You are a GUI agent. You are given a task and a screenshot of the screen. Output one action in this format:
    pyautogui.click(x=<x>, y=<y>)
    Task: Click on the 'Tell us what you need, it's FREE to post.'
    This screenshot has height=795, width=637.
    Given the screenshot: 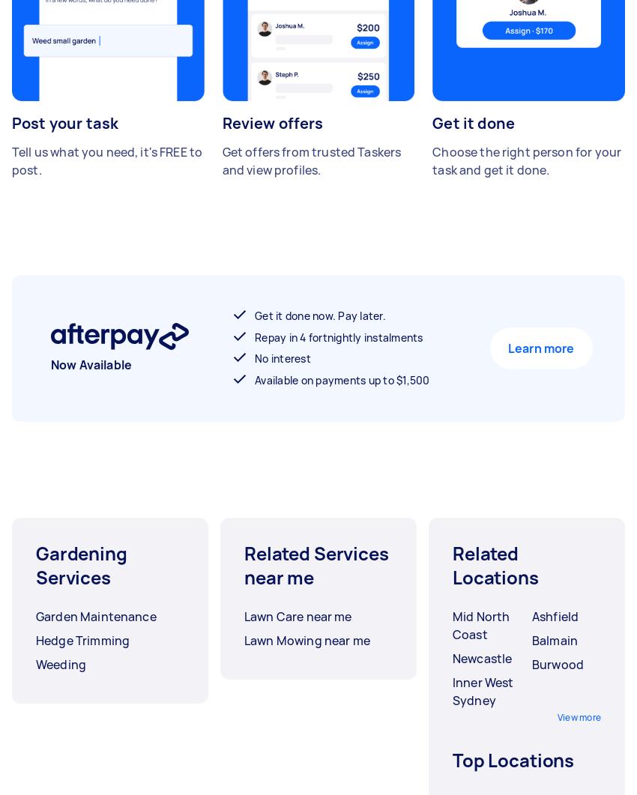 What is the action you would take?
    pyautogui.click(x=106, y=160)
    